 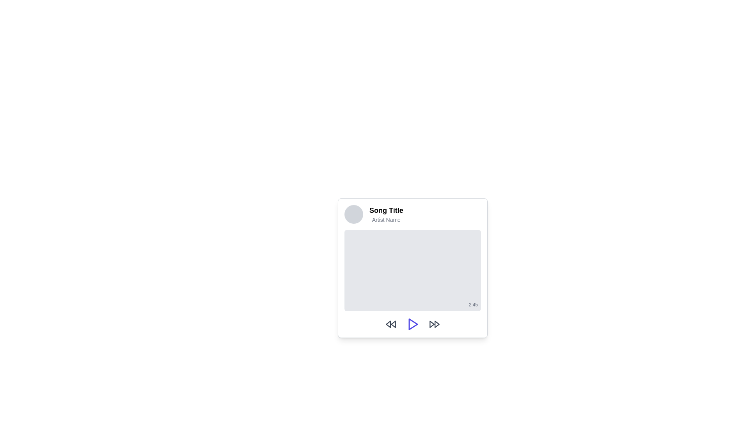 I want to click on the triangular play button icon located in the lower part of the audio control section, so click(x=413, y=324).